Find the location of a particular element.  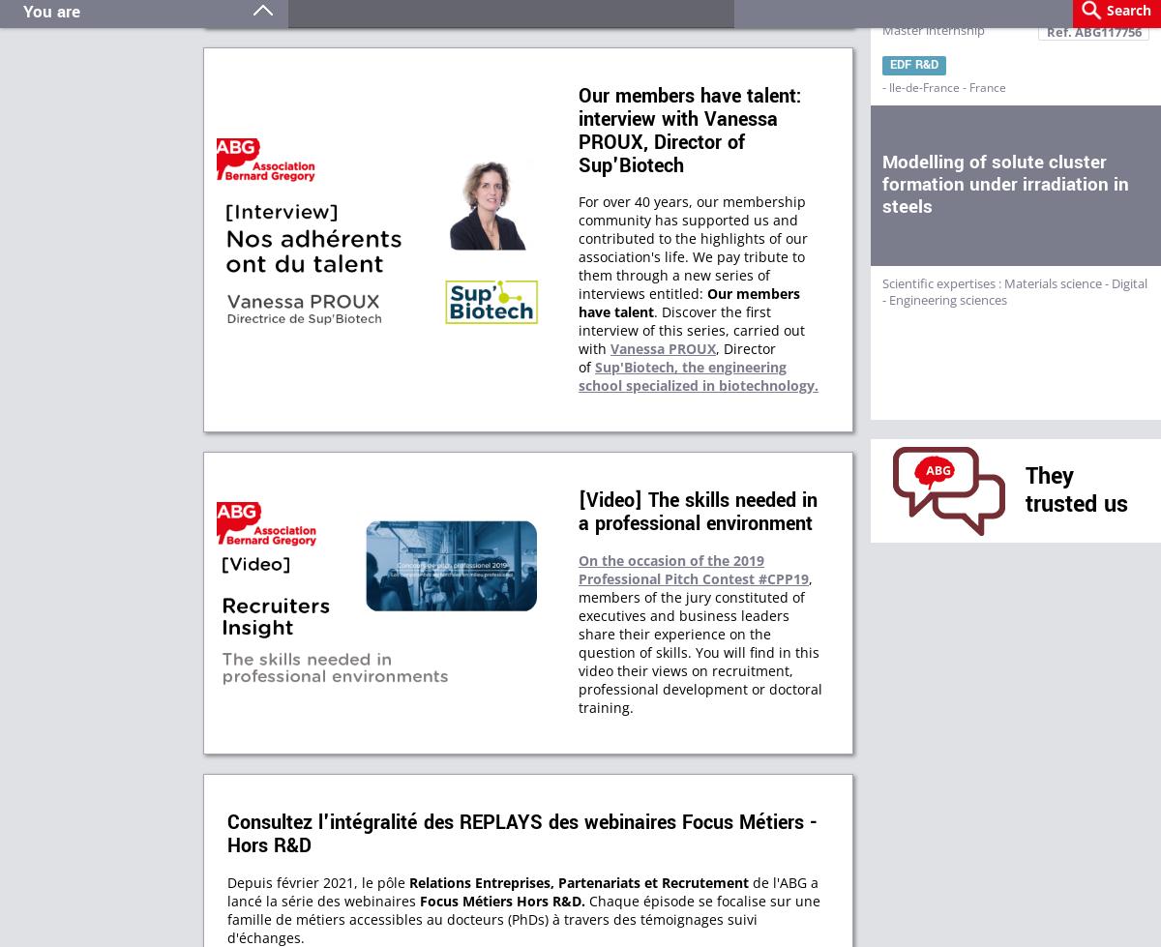

'. Discover the first interview of this series, carried out with' is located at coordinates (691, 330).